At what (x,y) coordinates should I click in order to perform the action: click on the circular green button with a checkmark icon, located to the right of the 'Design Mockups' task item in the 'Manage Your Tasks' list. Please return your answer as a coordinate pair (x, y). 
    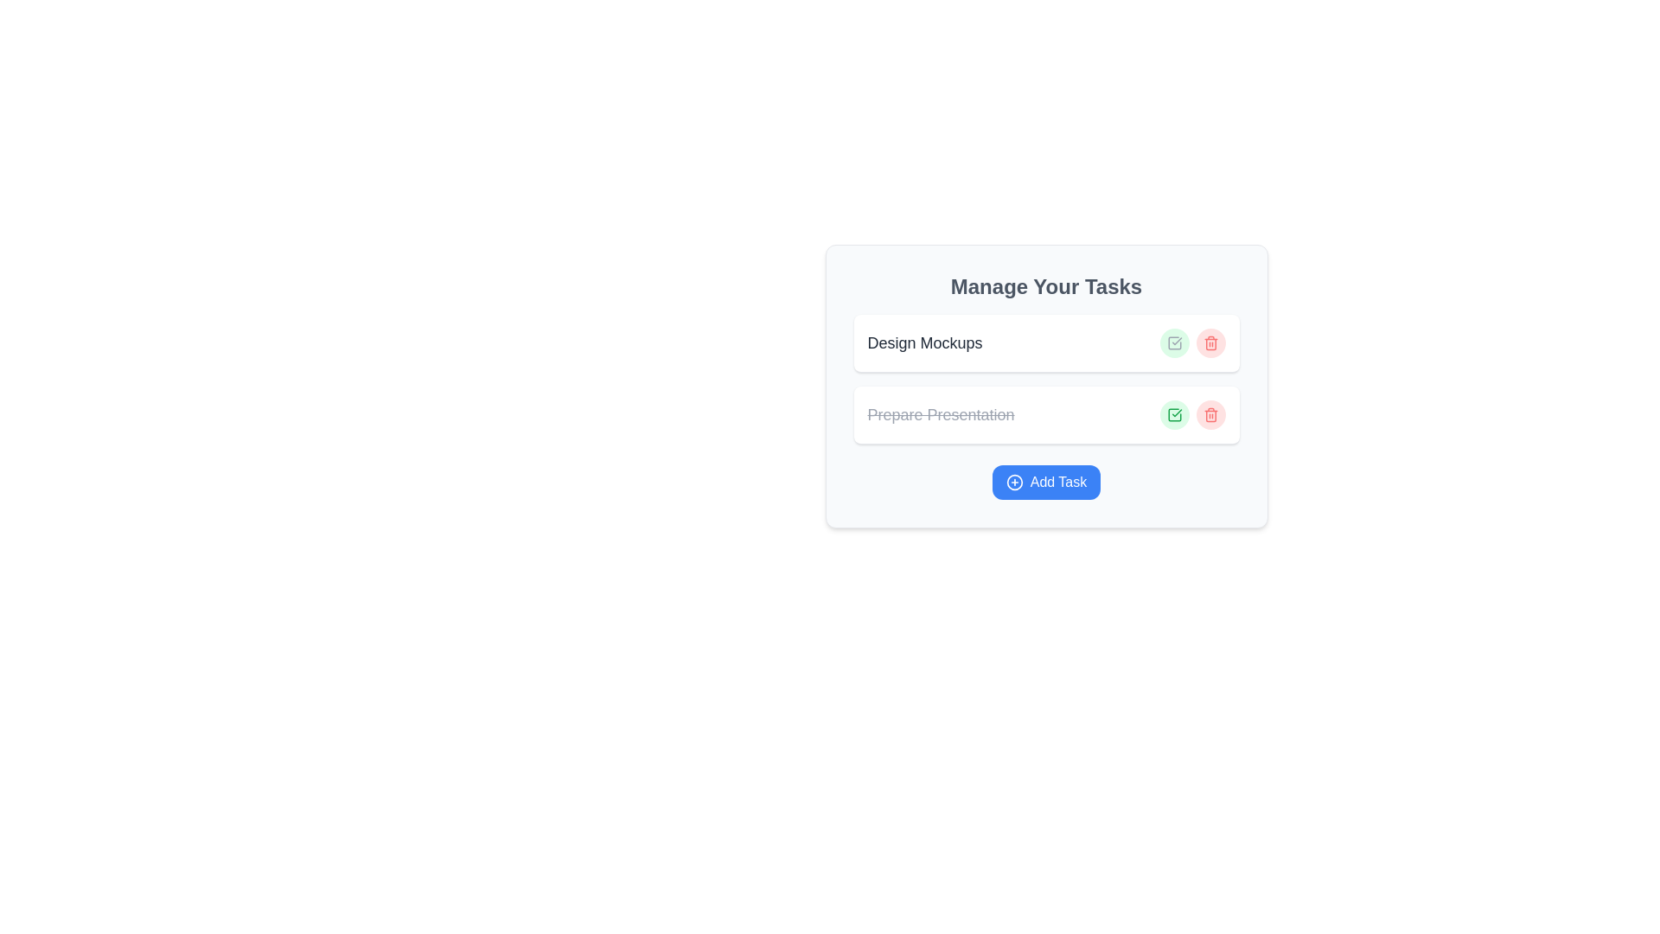
    Looking at the image, I should click on (1174, 343).